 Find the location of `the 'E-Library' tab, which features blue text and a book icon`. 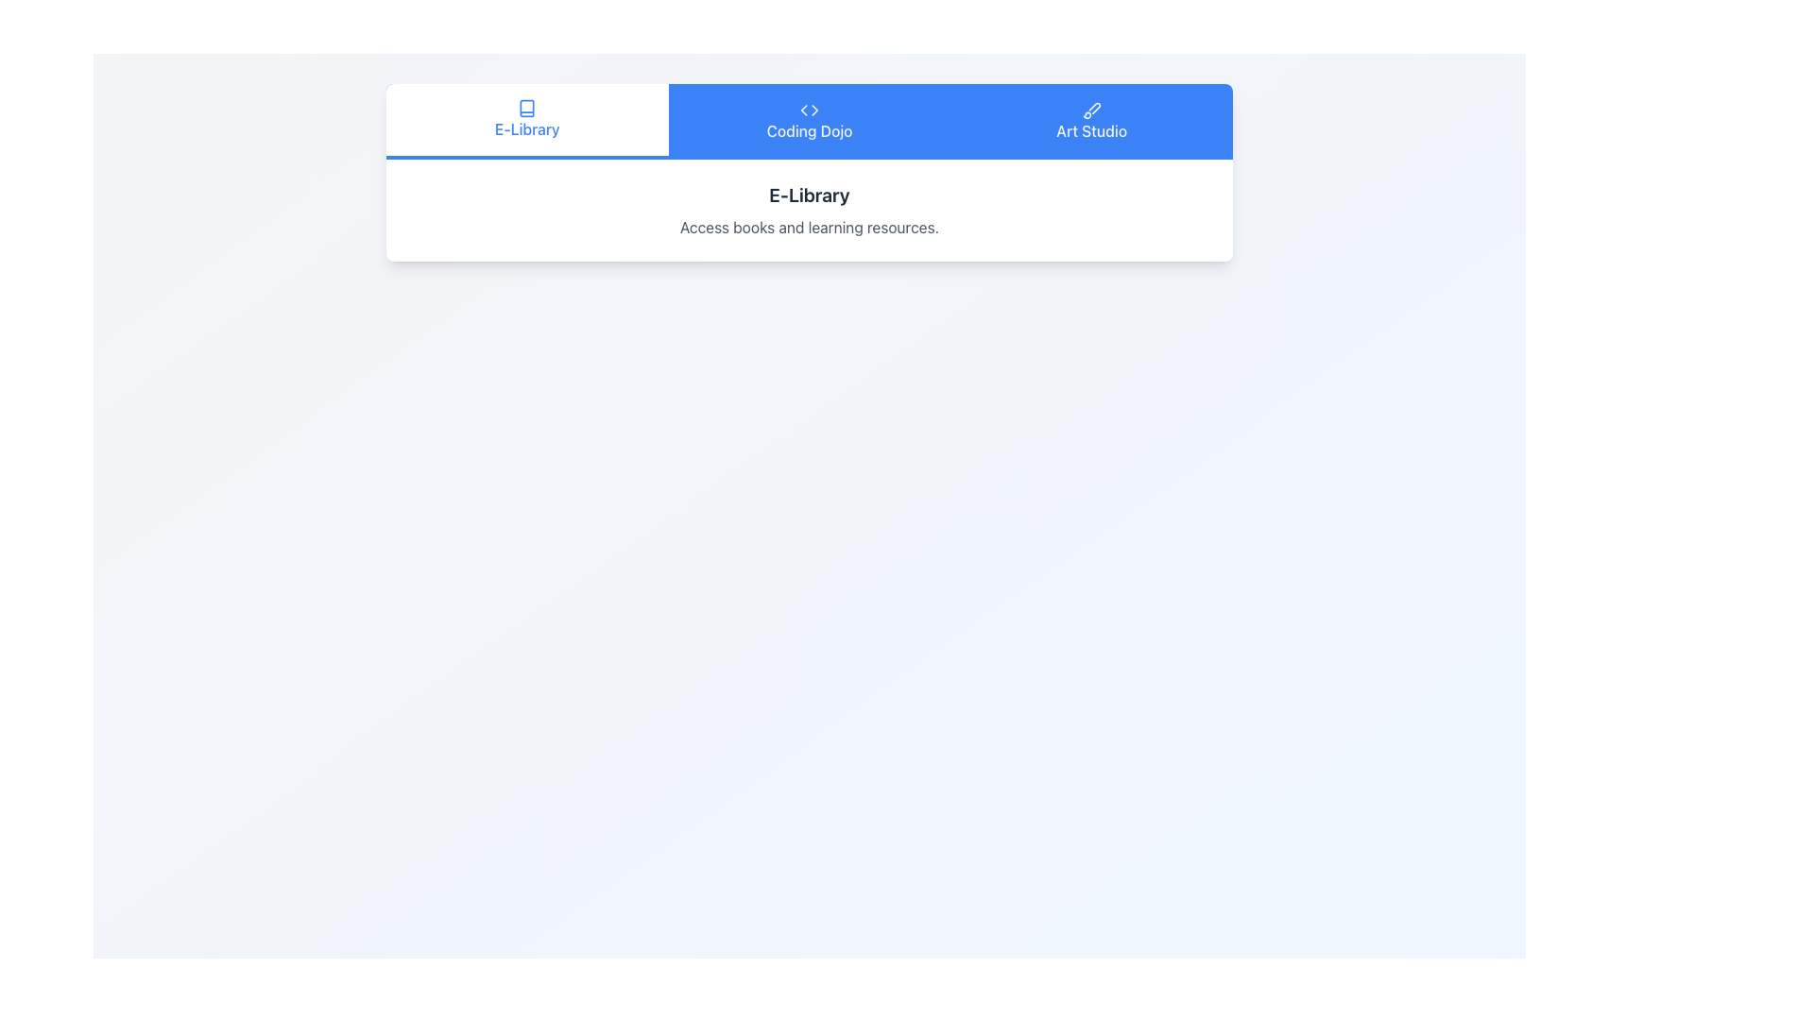

the 'E-Library' tab, which features blue text and a book icon is located at coordinates (526, 120).